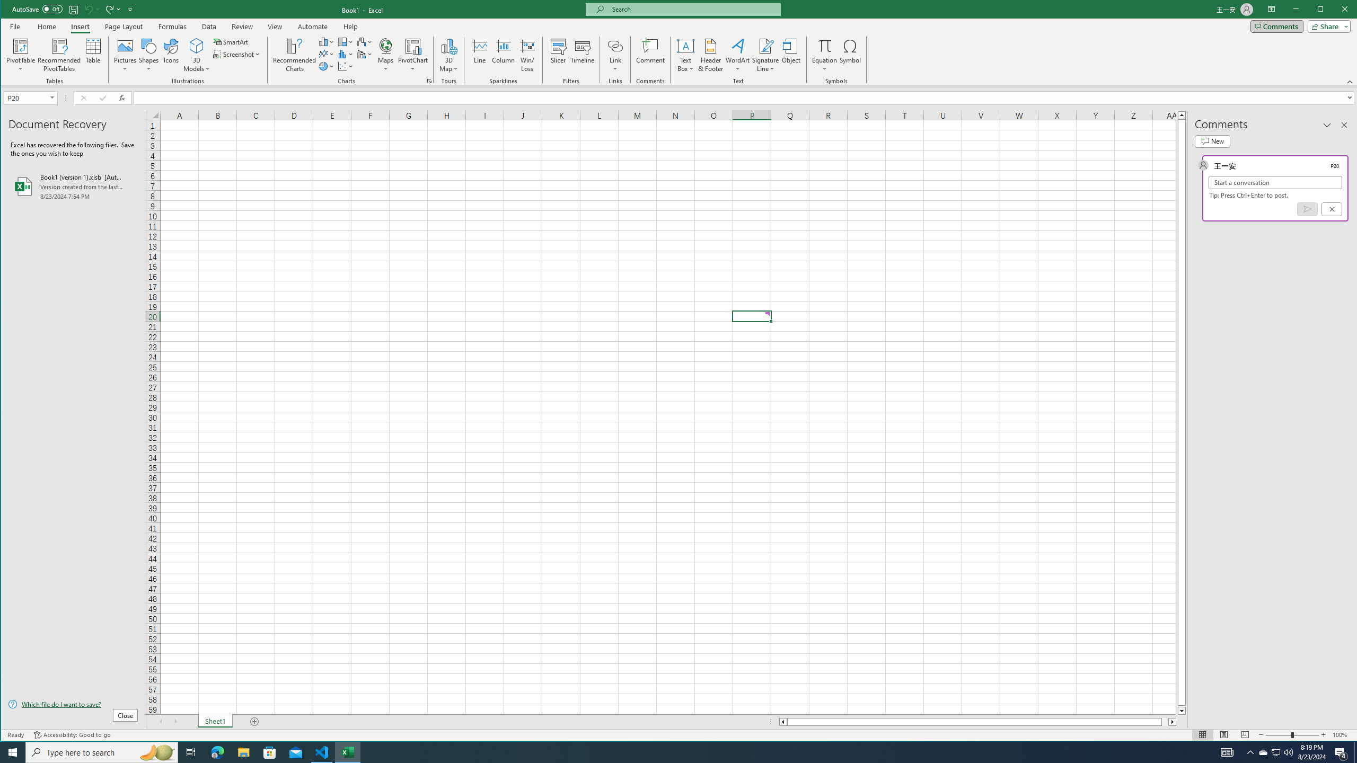 The height and width of the screenshot is (763, 1357). I want to click on 'Signature Line', so click(765, 55).